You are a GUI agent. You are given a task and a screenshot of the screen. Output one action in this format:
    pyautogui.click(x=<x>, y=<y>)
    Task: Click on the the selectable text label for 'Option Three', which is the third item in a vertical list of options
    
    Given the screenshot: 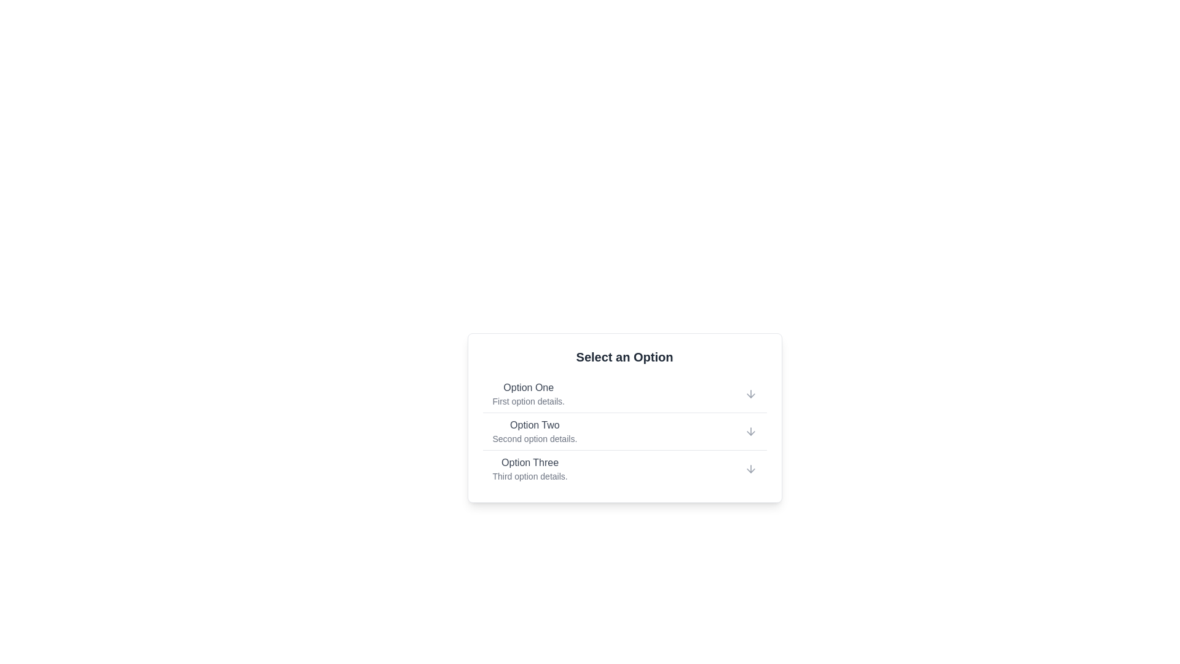 What is the action you would take?
    pyautogui.click(x=530, y=469)
    